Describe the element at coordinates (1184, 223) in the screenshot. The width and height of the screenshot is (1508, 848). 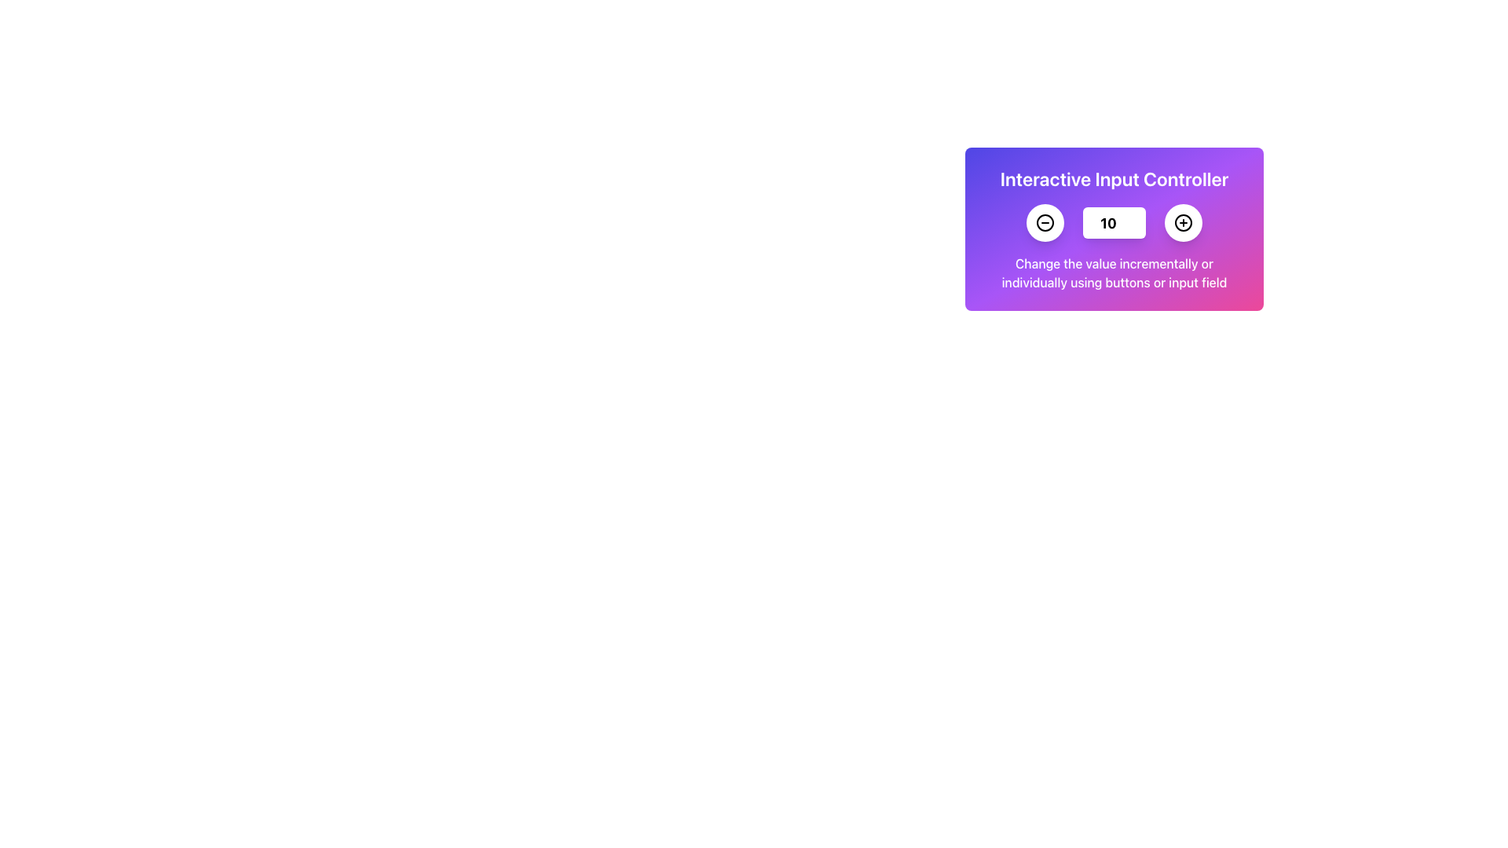
I see `the circular button with a white background and a black plus sign, which is located to the right of a number input field and a minus button, under the title 'Interactive Input Controller'` at that location.